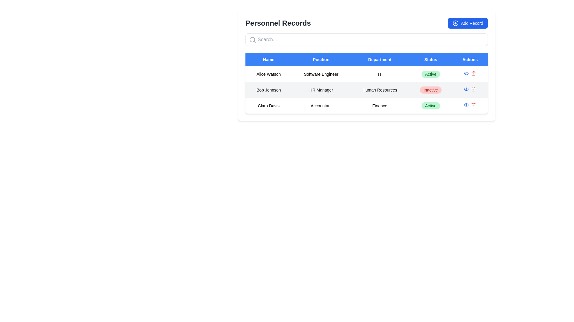 The image size is (574, 322). Describe the element at coordinates (470, 60) in the screenshot. I see `the Table Header located in the top-right portion of the header row, specifically at the fifth position after 'Name', 'Position', 'Department', and 'Status'` at that location.